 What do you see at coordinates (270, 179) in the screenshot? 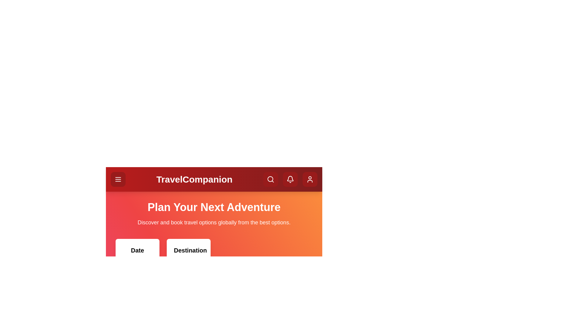
I see `the search icon to initiate a search` at bounding box center [270, 179].